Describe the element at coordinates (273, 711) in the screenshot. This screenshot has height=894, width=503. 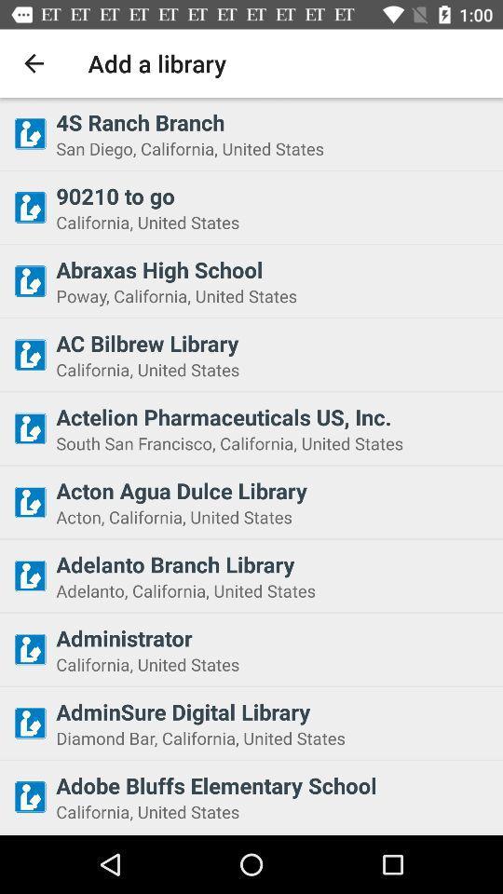
I see `the item above the diamond bar california` at that location.